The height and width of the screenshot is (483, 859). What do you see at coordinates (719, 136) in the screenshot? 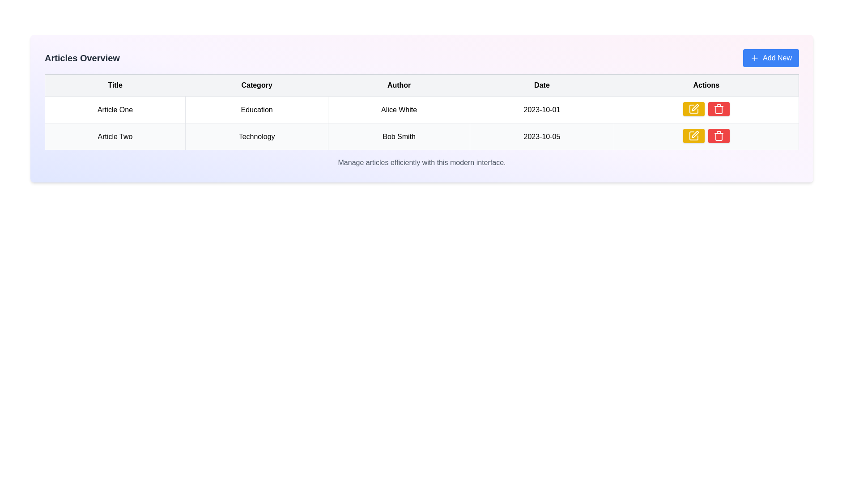
I see `the Delete button represented by an SVG trash can icon located in the Actions column of the second row in the table` at bounding box center [719, 136].